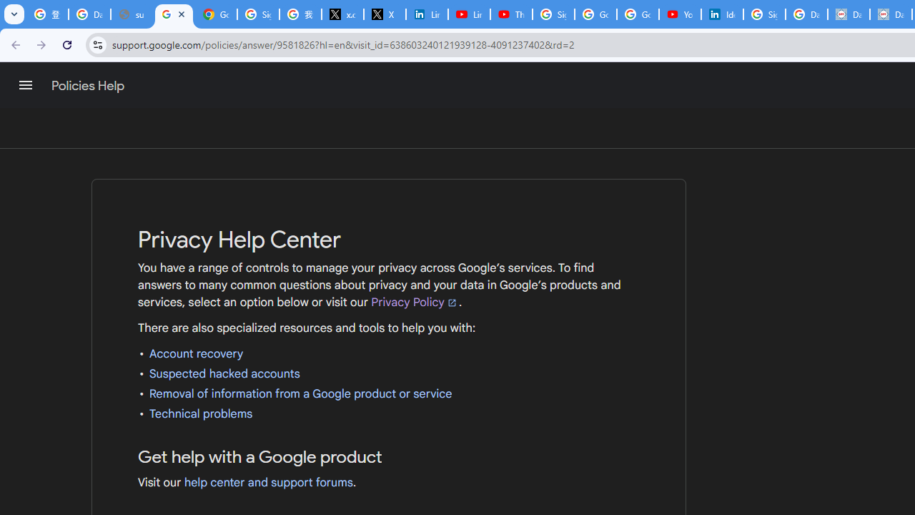 The image size is (915, 515). What do you see at coordinates (300, 393) in the screenshot?
I see `'Removal of information from a Google product or service'` at bounding box center [300, 393].